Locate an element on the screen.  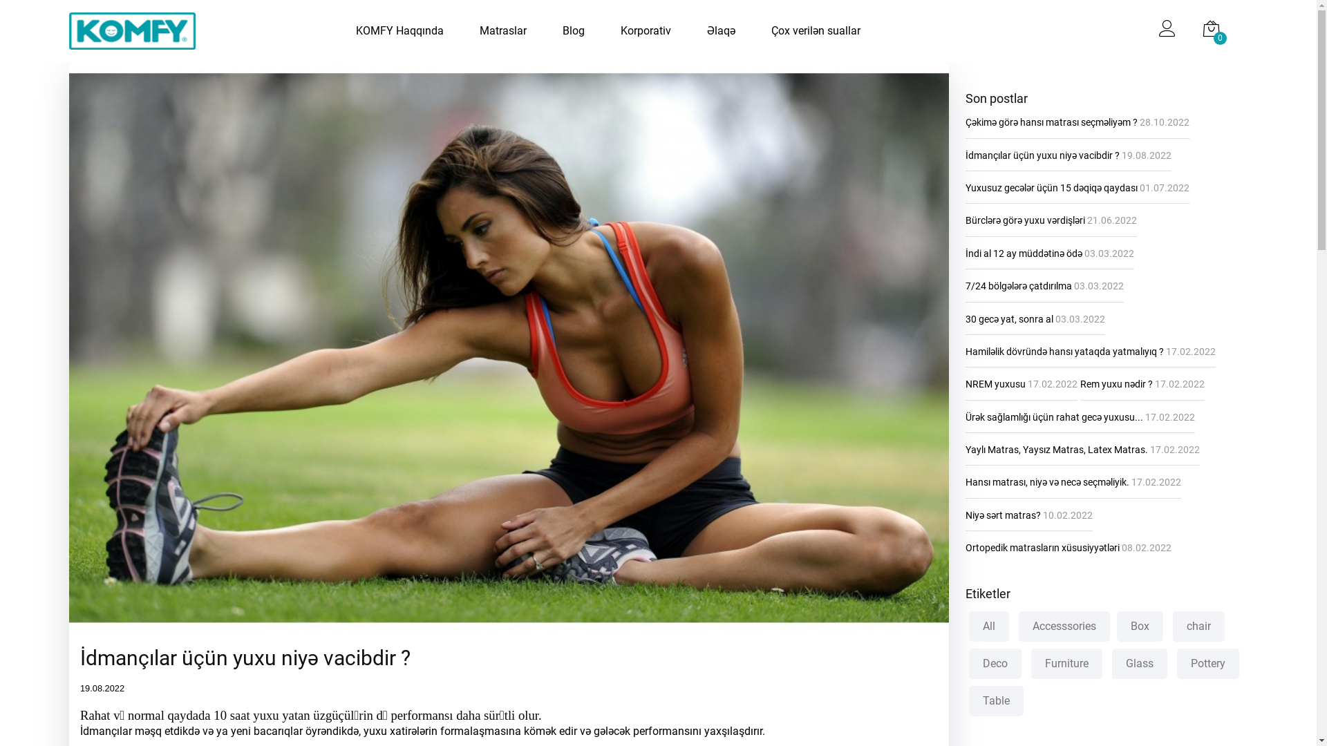
'NREM yuxusu 17.02.2022' is located at coordinates (1022, 383).